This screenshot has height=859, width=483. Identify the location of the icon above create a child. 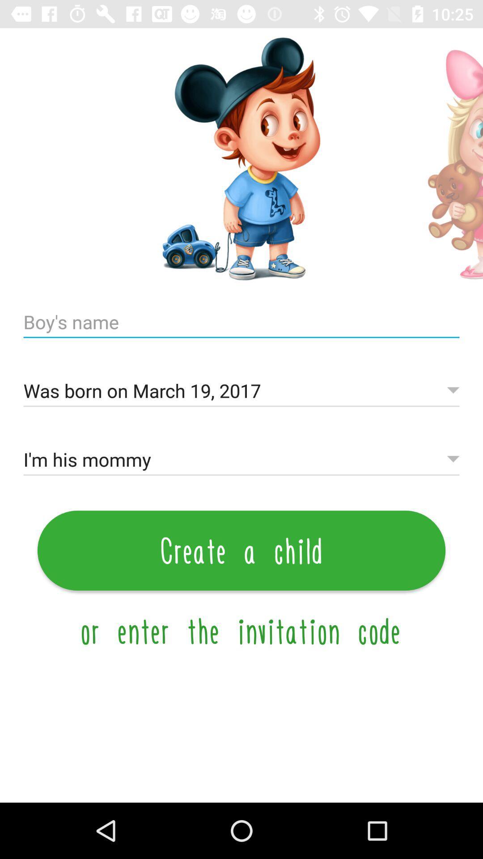
(241, 459).